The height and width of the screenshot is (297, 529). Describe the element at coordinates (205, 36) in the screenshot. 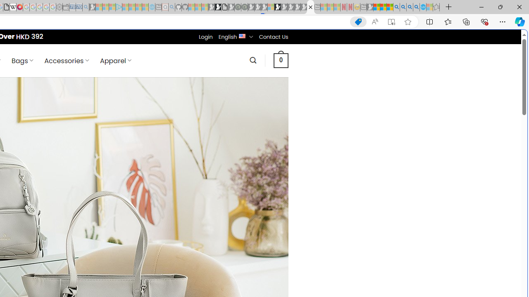

I see `'Login'` at that location.